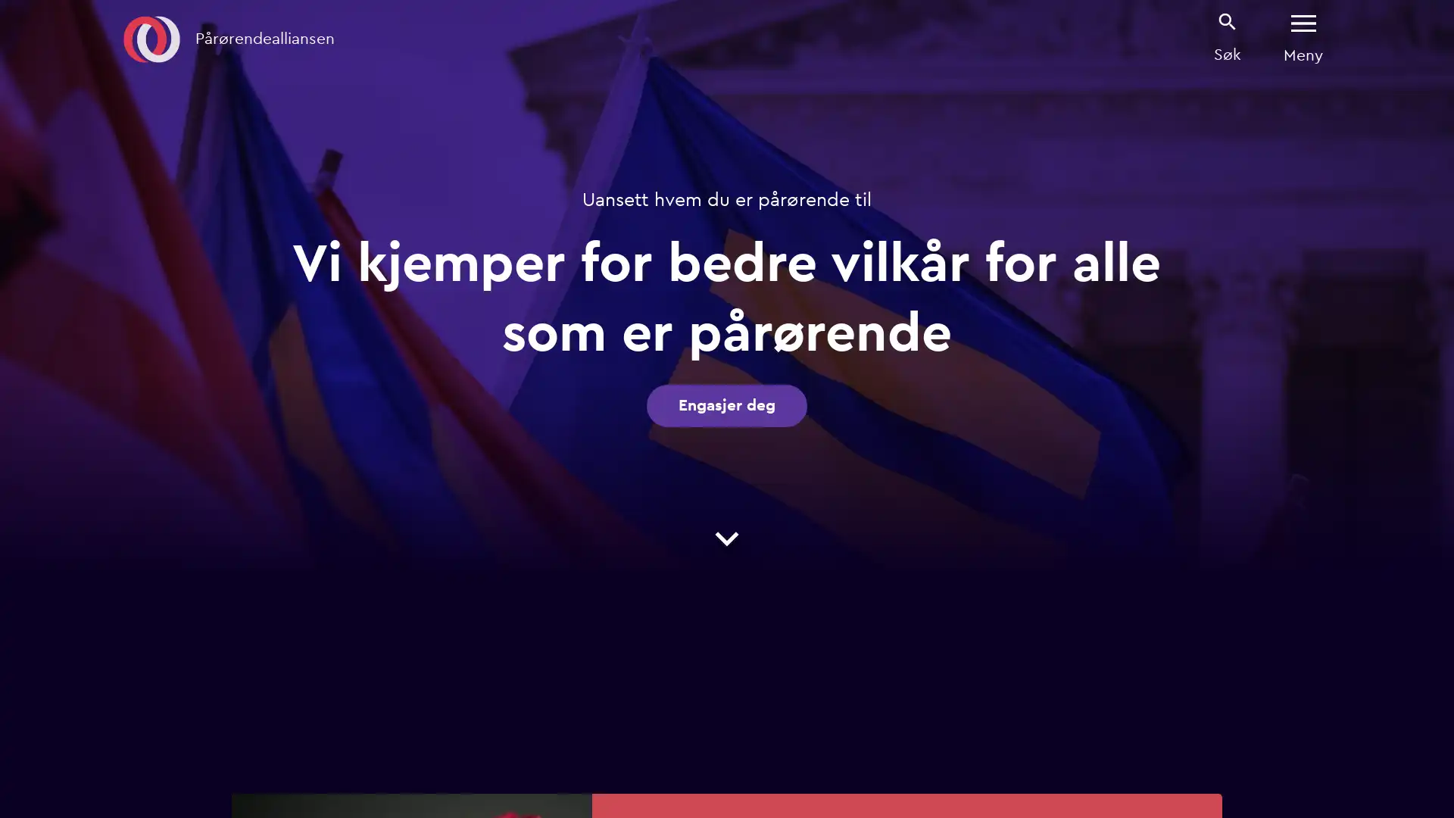 This screenshot has height=818, width=1454. What do you see at coordinates (1228, 37) in the screenshot?
I see `search Sk` at bounding box center [1228, 37].